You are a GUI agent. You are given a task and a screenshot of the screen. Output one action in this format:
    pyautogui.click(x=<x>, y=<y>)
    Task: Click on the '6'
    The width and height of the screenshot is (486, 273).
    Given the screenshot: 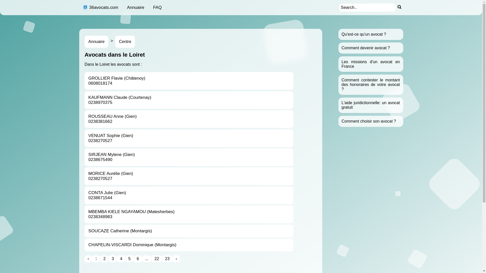 What is the action you would take?
    pyautogui.click(x=138, y=259)
    